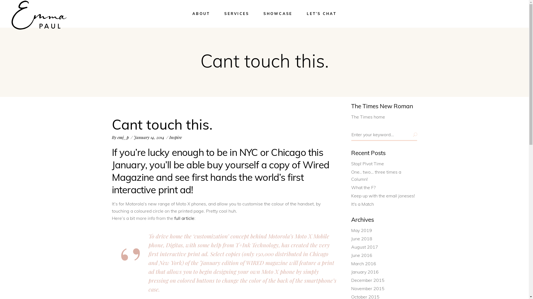 The width and height of the screenshot is (533, 299). Describe the element at coordinates (362, 204) in the screenshot. I see `'It's a Match'` at that location.